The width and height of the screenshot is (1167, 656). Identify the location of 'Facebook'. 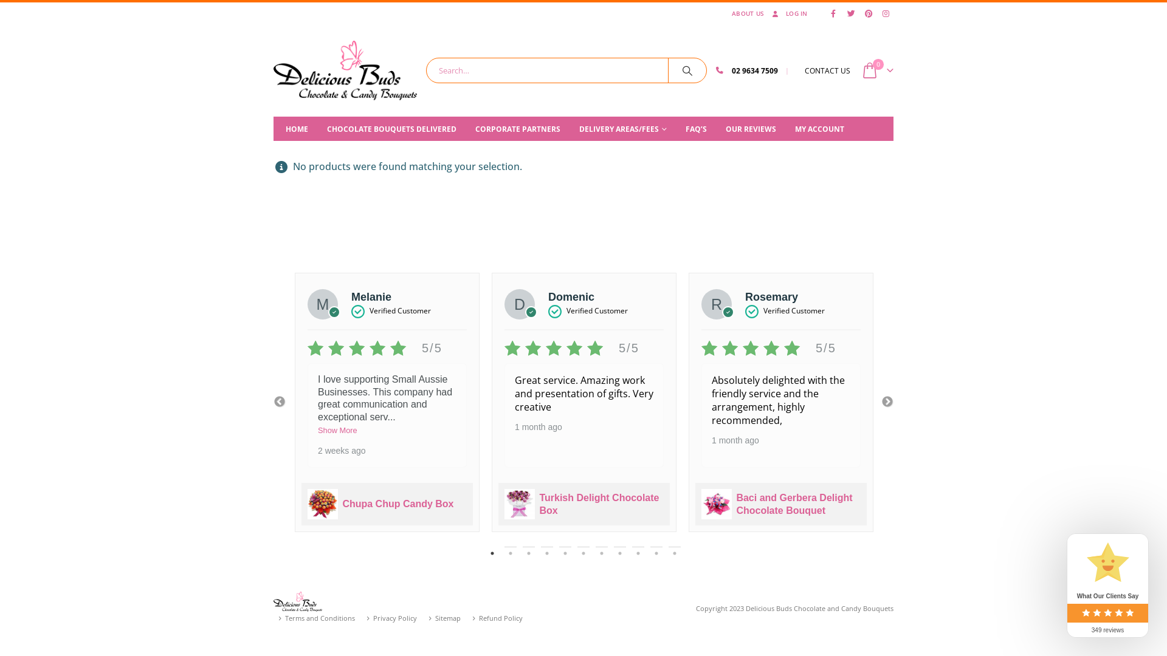
(833, 13).